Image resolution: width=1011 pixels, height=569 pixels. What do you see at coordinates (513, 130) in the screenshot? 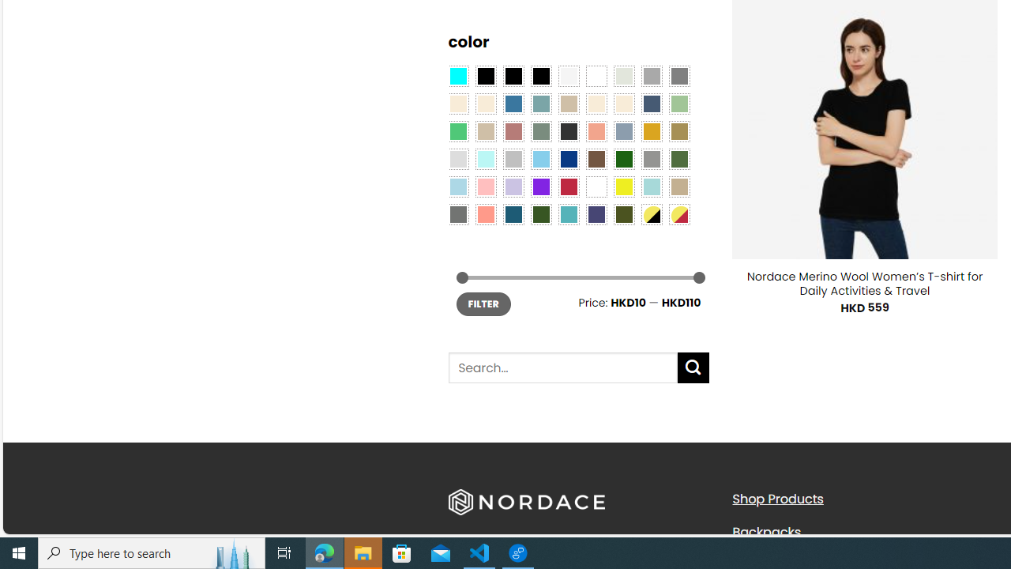
I see `'Rose'` at bounding box center [513, 130].